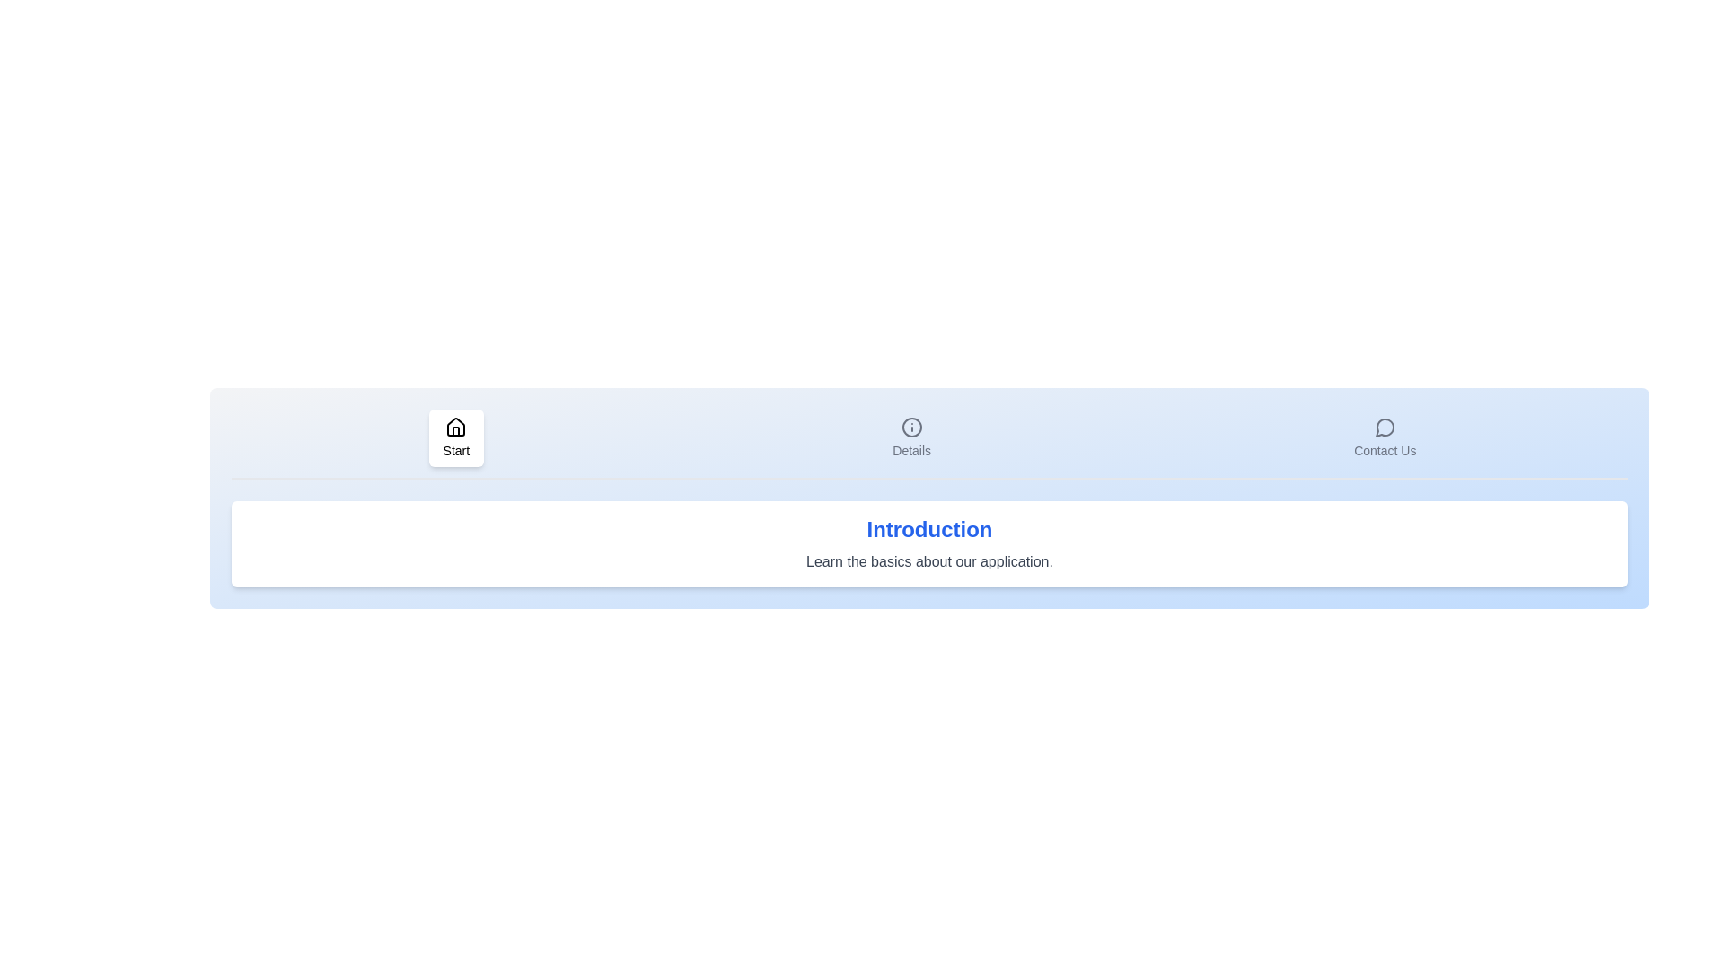  I want to click on the icon of the Start tab to activate it, so click(456, 438).